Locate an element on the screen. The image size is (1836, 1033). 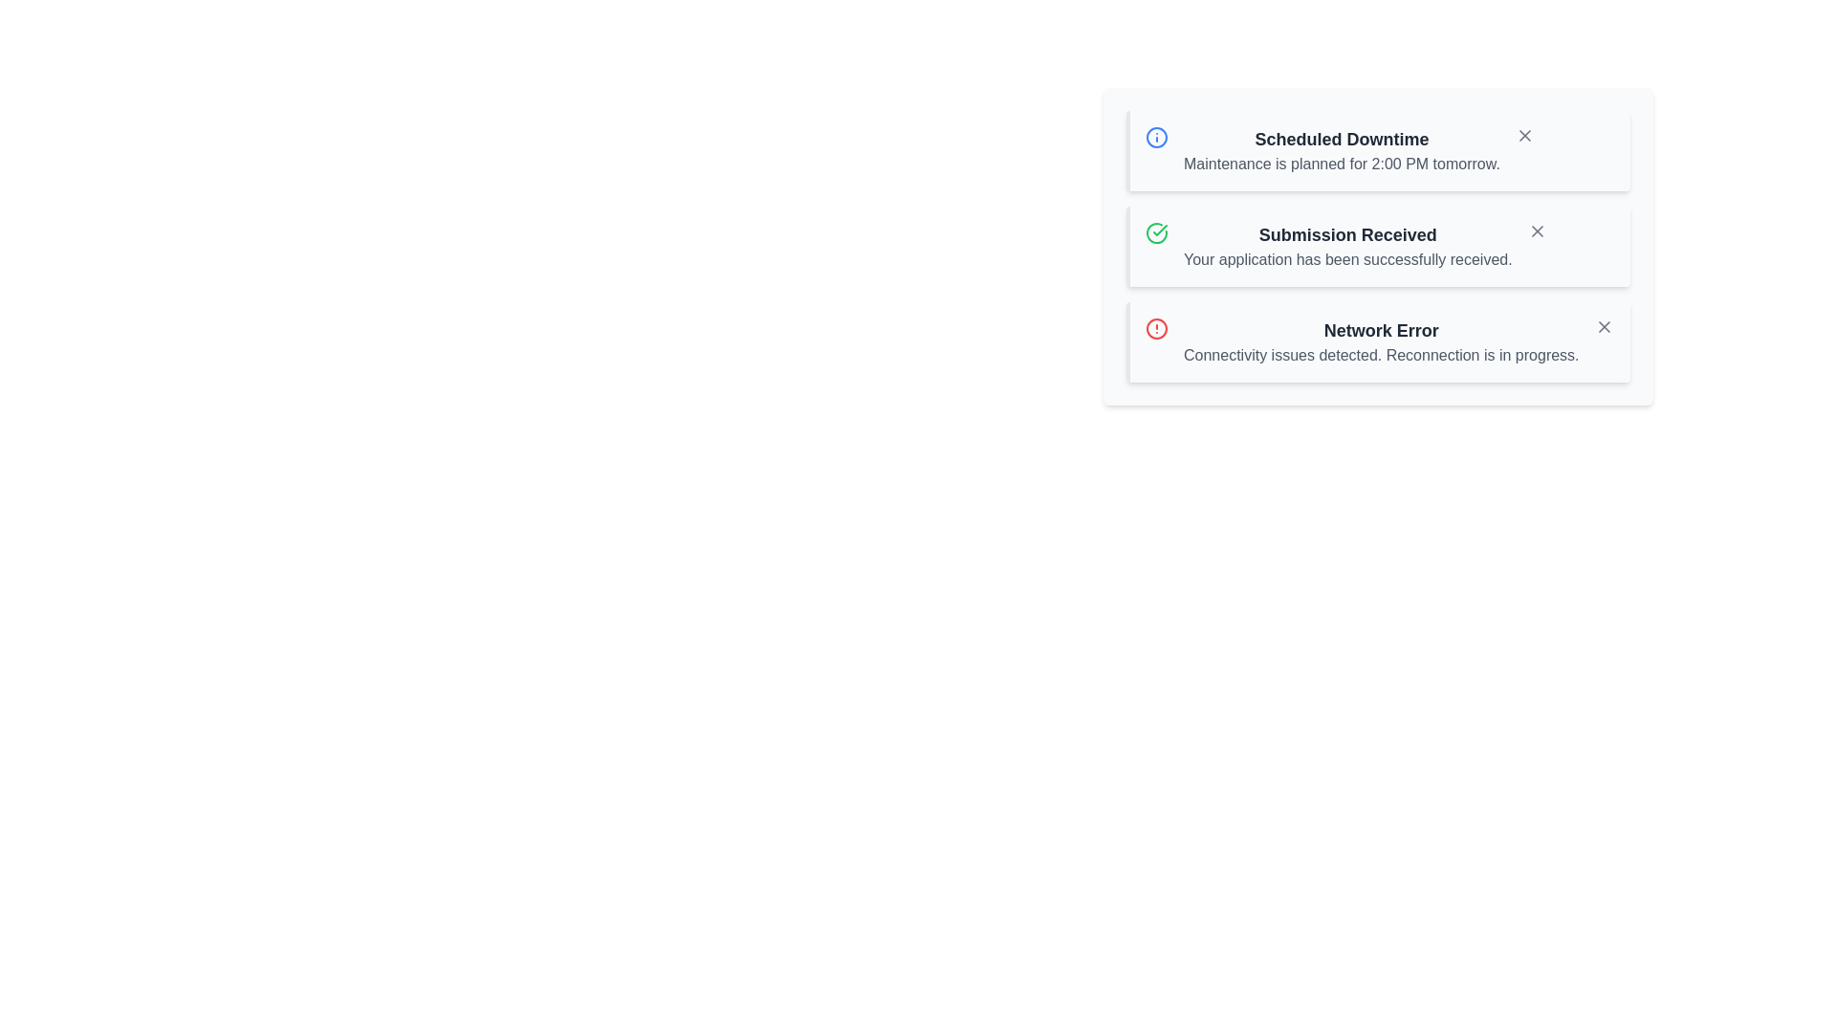
the text block displaying 'Connectivity issues detected. Reconnection is in progress.' which is styled in gray color and located below the heading 'Network Error' is located at coordinates (1381, 355).